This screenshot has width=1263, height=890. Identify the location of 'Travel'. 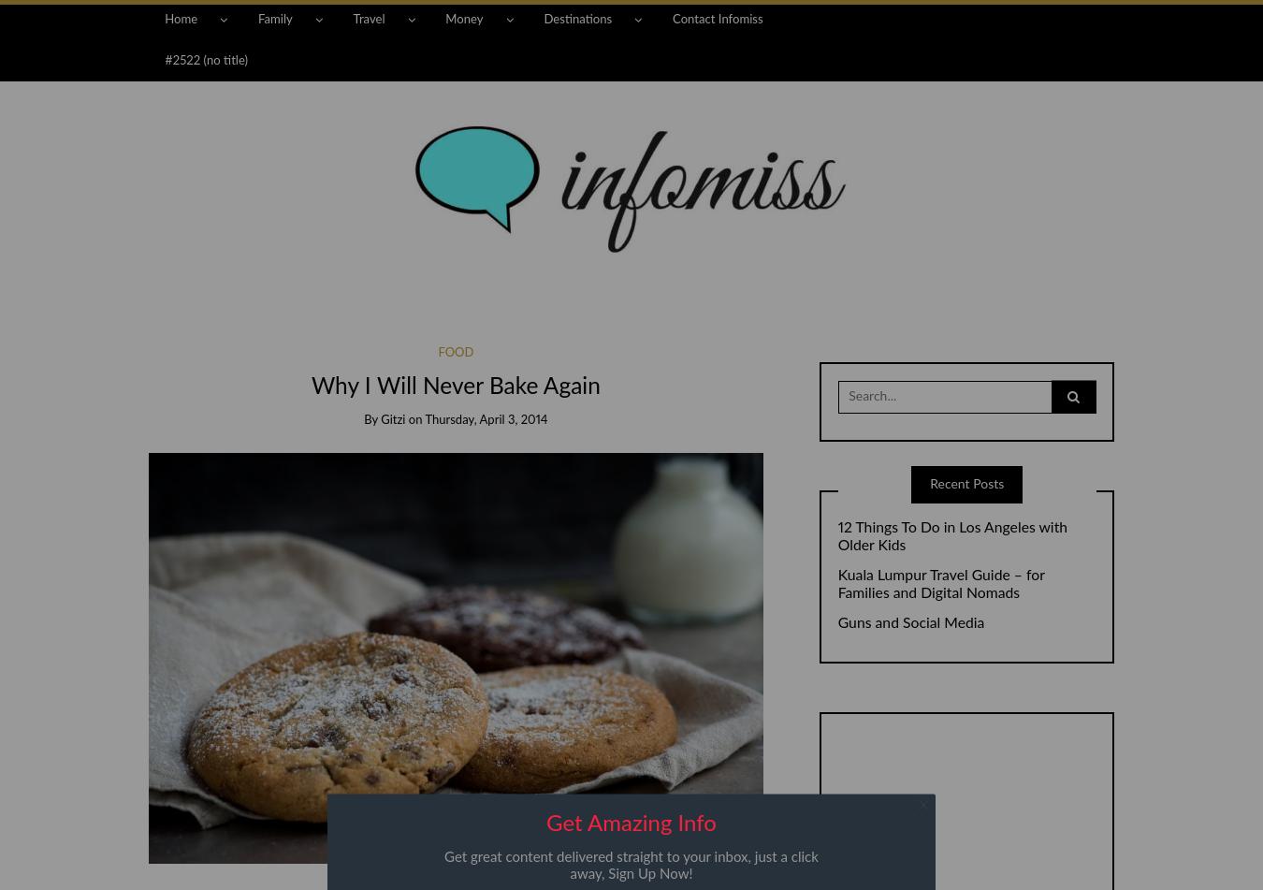
(369, 20).